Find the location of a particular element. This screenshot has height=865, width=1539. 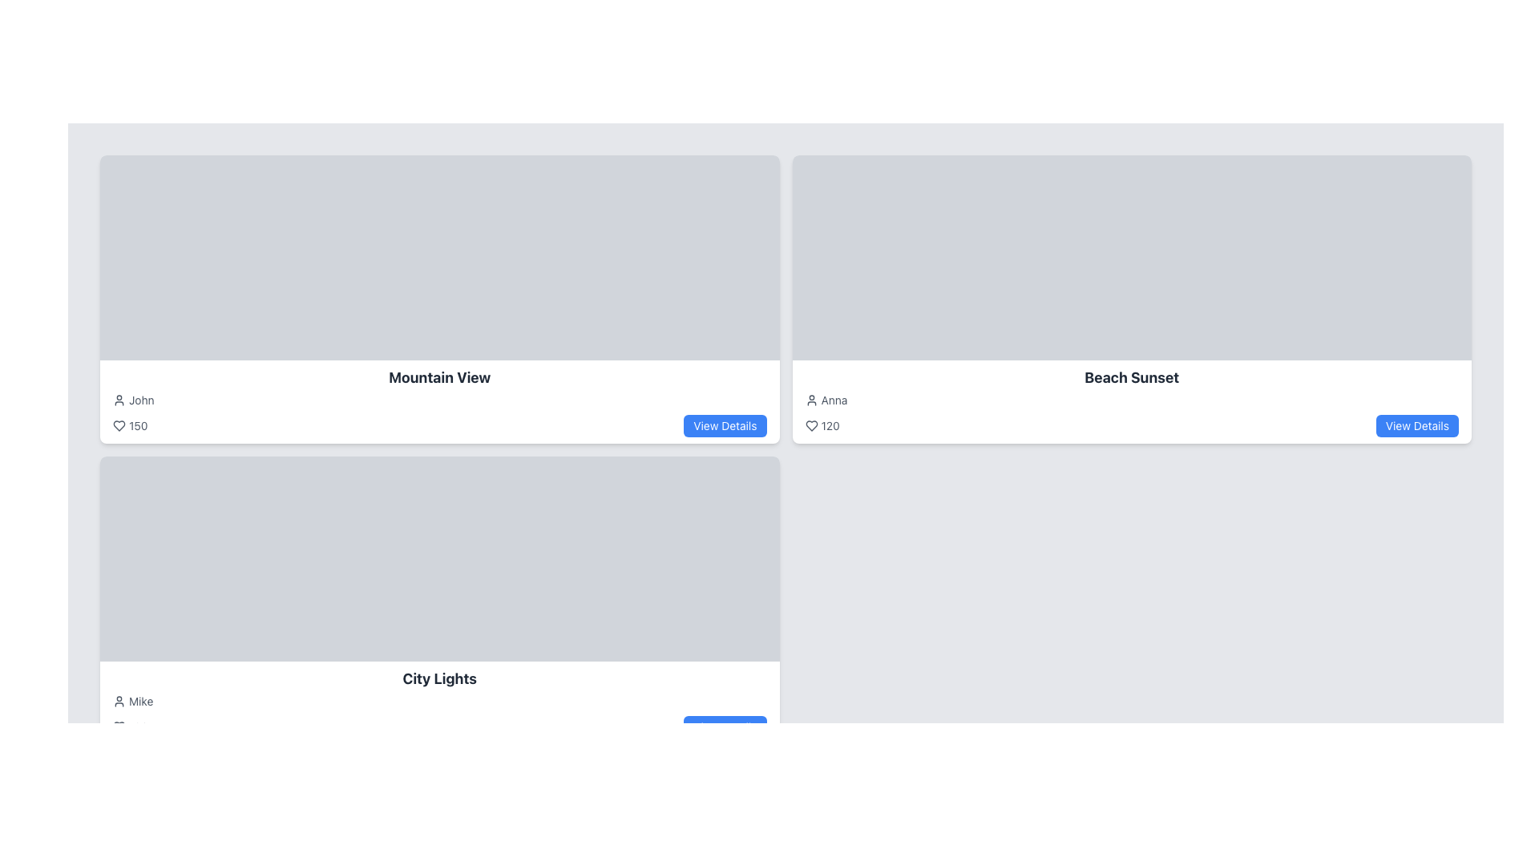

the heart outline icon located in the lower-left corner of the 'City Lights' card, adjacent to the username 'Mike' and to the left of the like count '180' is located at coordinates (118, 726).